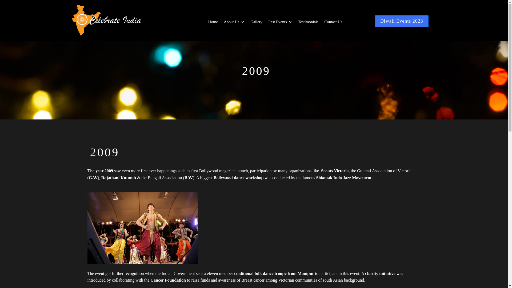 The width and height of the screenshot is (512, 288). I want to click on 'Past Events', so click(280, 22).